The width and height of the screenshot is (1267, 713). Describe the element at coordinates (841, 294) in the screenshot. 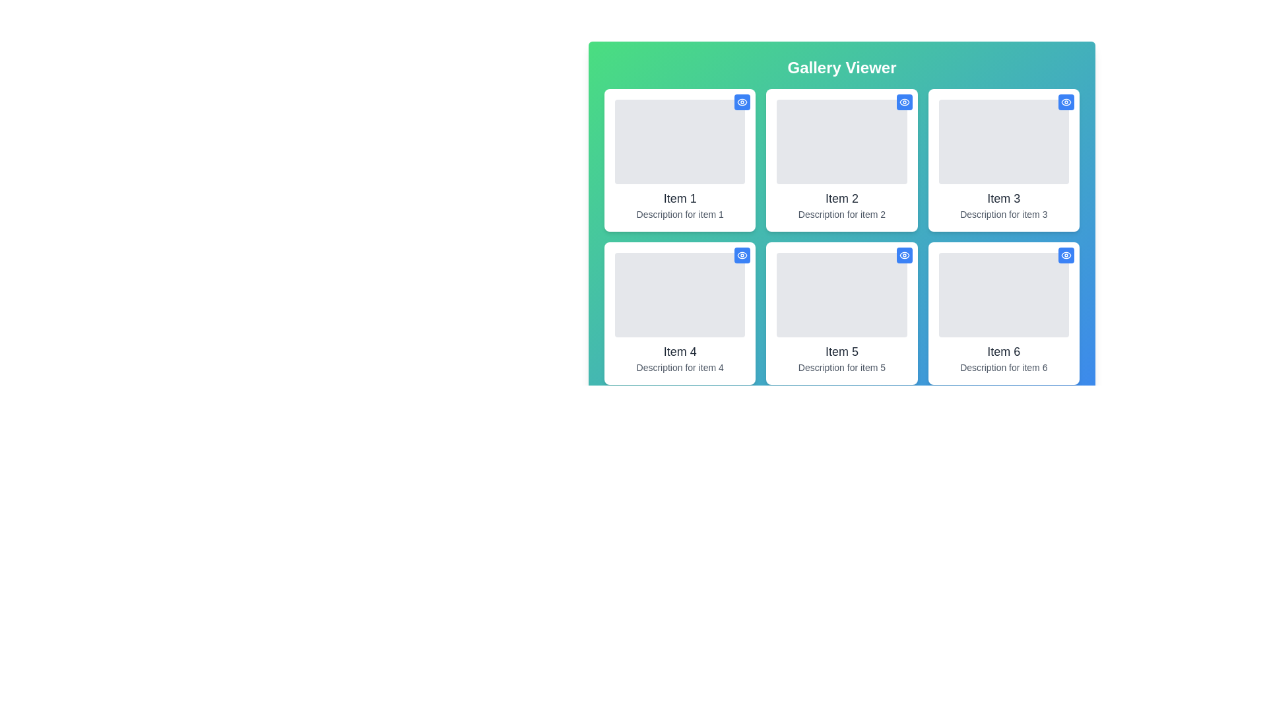

I see `the rectangular grey Placeholder area with rounded corners located in the top portion of the Item 5 card in the third column of the second row` at that location.